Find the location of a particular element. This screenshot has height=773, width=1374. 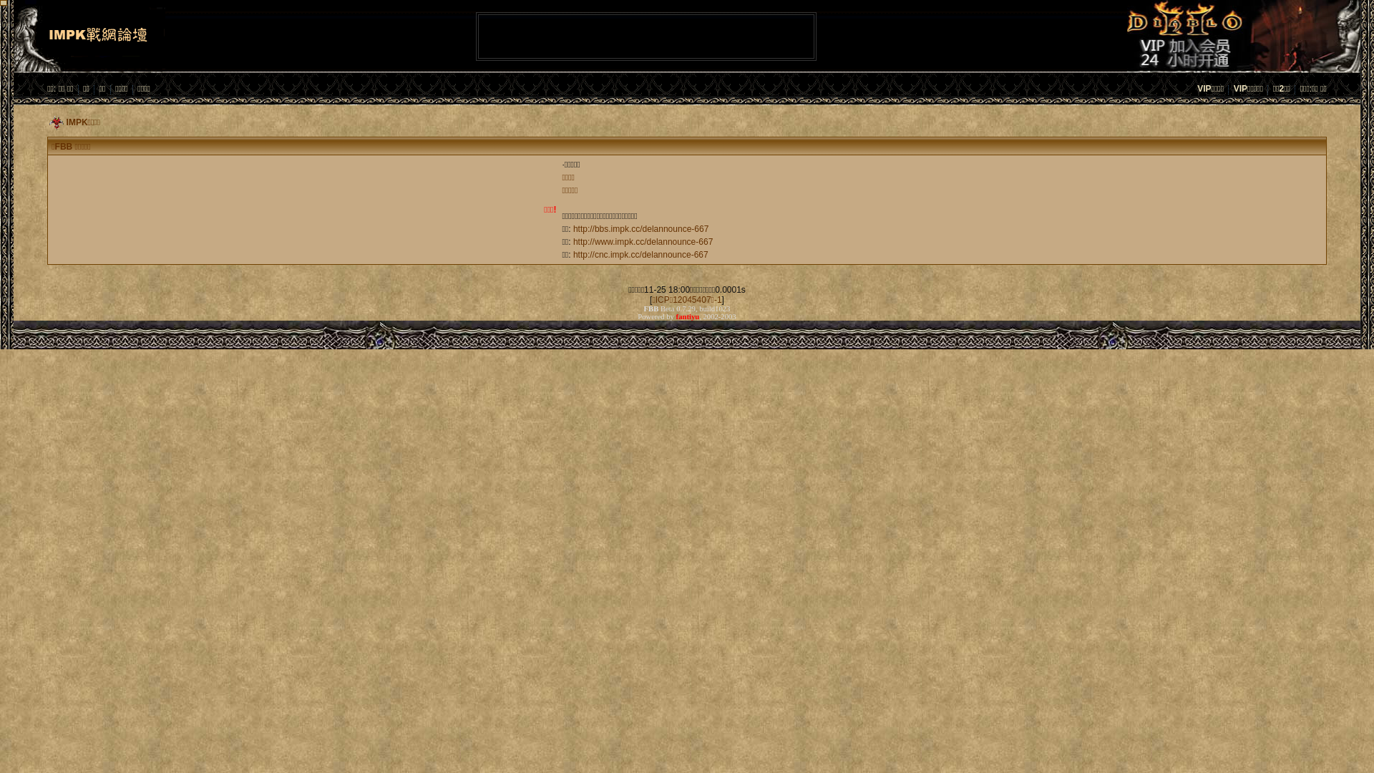

'http://bbs.impk.cc/delannounce-667' is located at coordinates (573, 228).